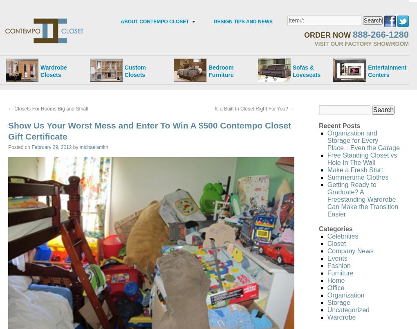  Describe the element at coordinates (303, 67) in the screenshot. I see `'Sofas &'` at that location.